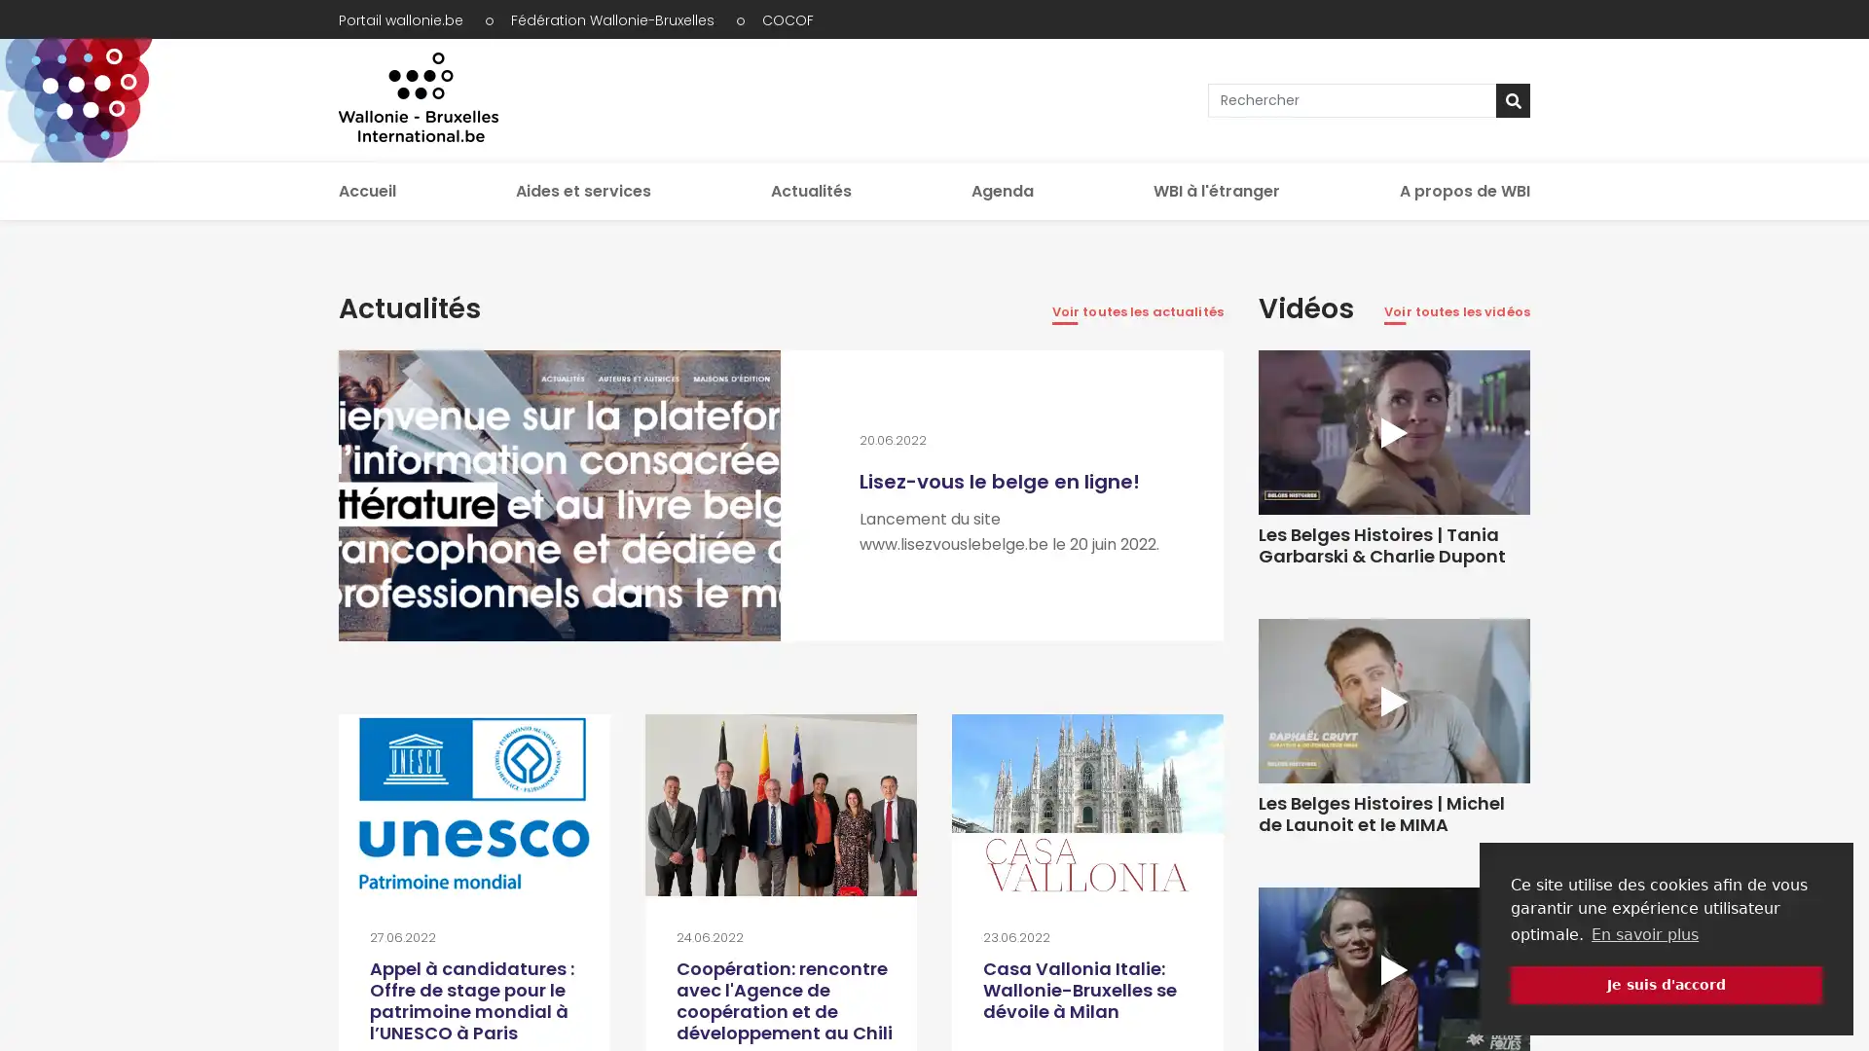 The width and height of the screenshot is (1869, 1051). Describe the element at coordinates (1643, 933) in the screenshot. I see `learn more about cookies` at that location.